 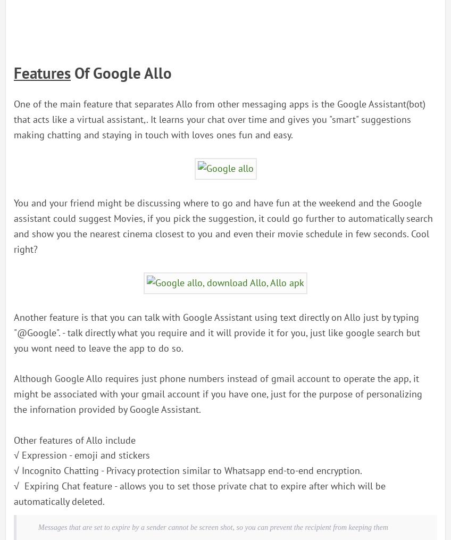 I want to click on 'Another feature is that you can talk with Google Assistant using text directly on Allo just by typing "@Google". - talk directly what you require and it will provide it for you, just like google search but you wont need to leave the app to do so.', so click(x=13, y=332).